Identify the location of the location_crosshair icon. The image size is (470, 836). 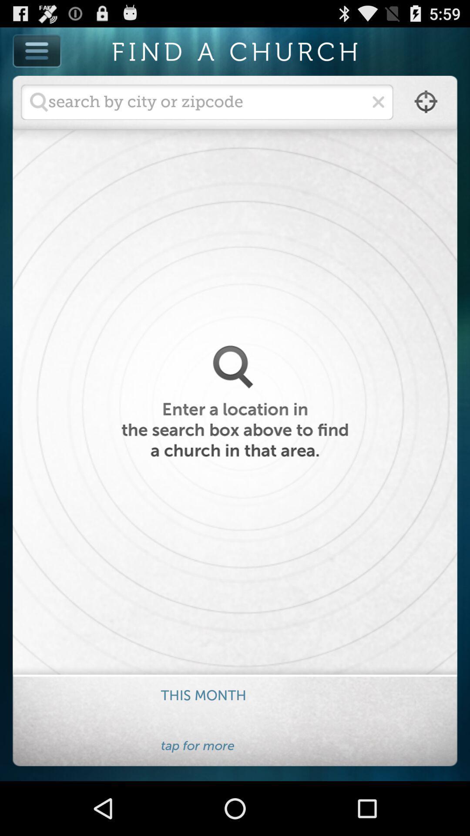
(425, 109).